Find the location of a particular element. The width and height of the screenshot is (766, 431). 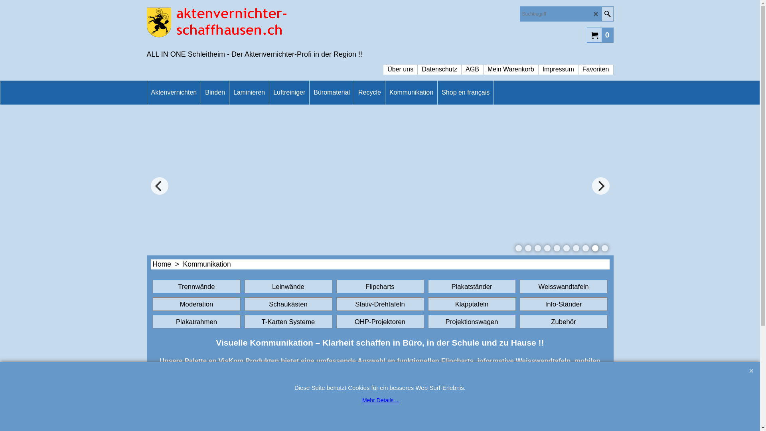

'Laminieren' is located at coordinates (249, 92).